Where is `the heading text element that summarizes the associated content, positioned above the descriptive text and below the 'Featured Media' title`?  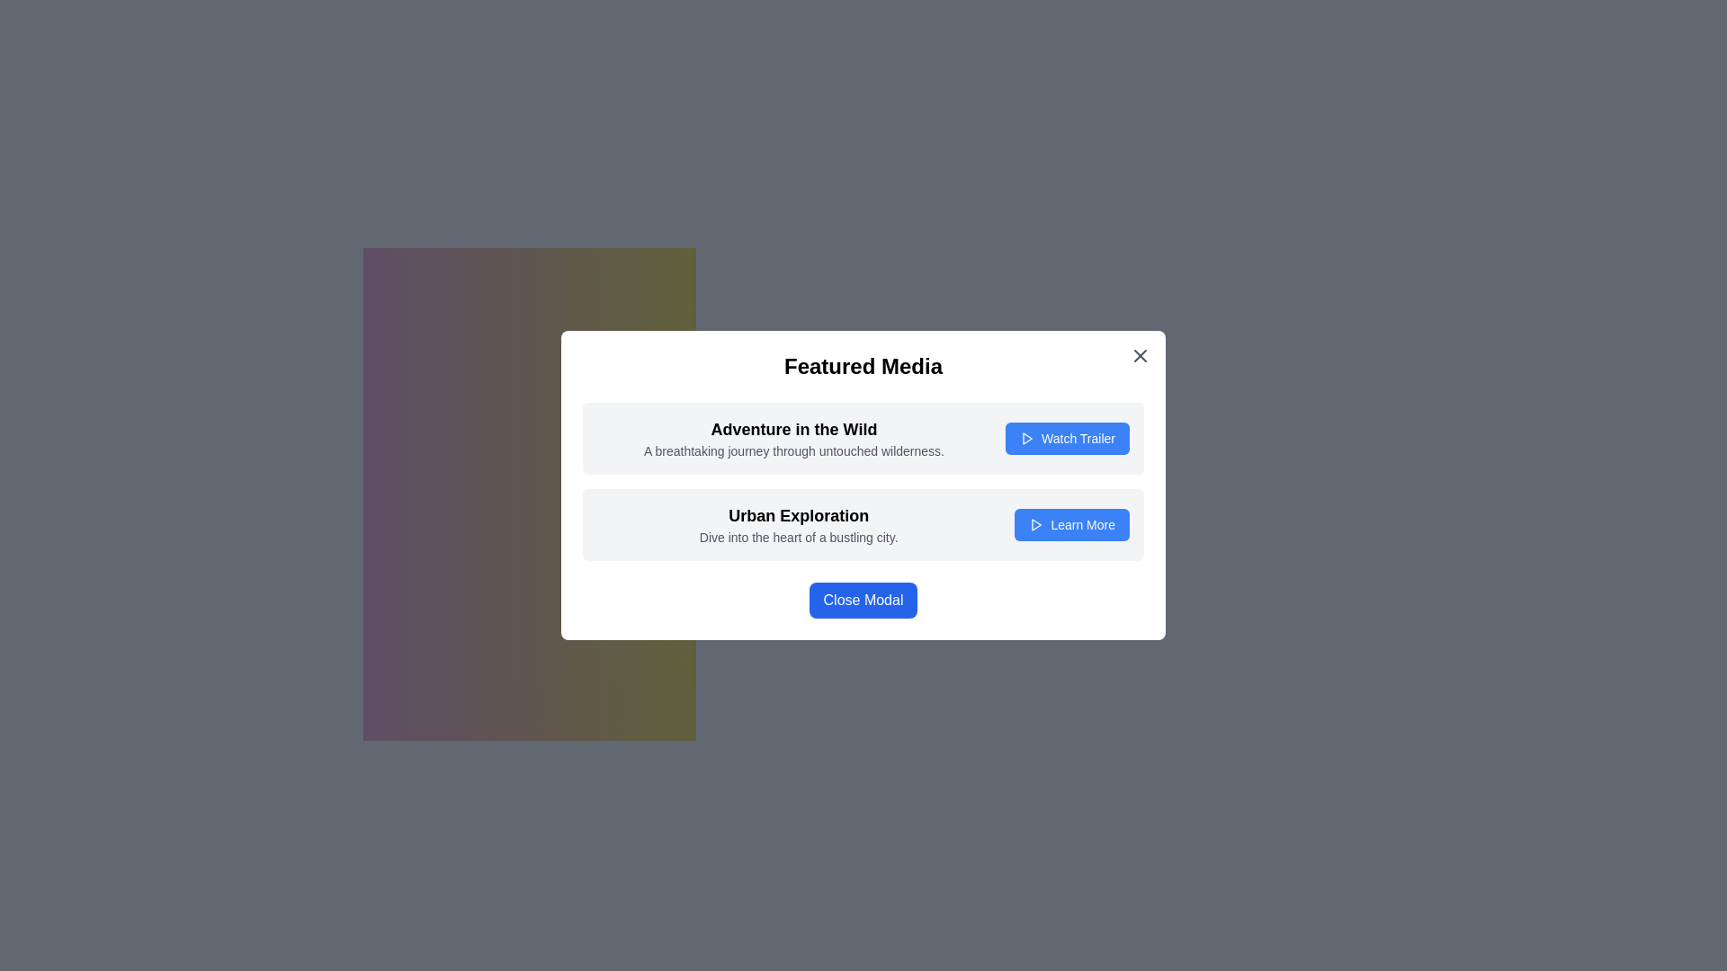
the heading text element that summarizes the associated content, positioned above the descriptive text and below the 'Featured Media' title is located at coordinates (793, 430).